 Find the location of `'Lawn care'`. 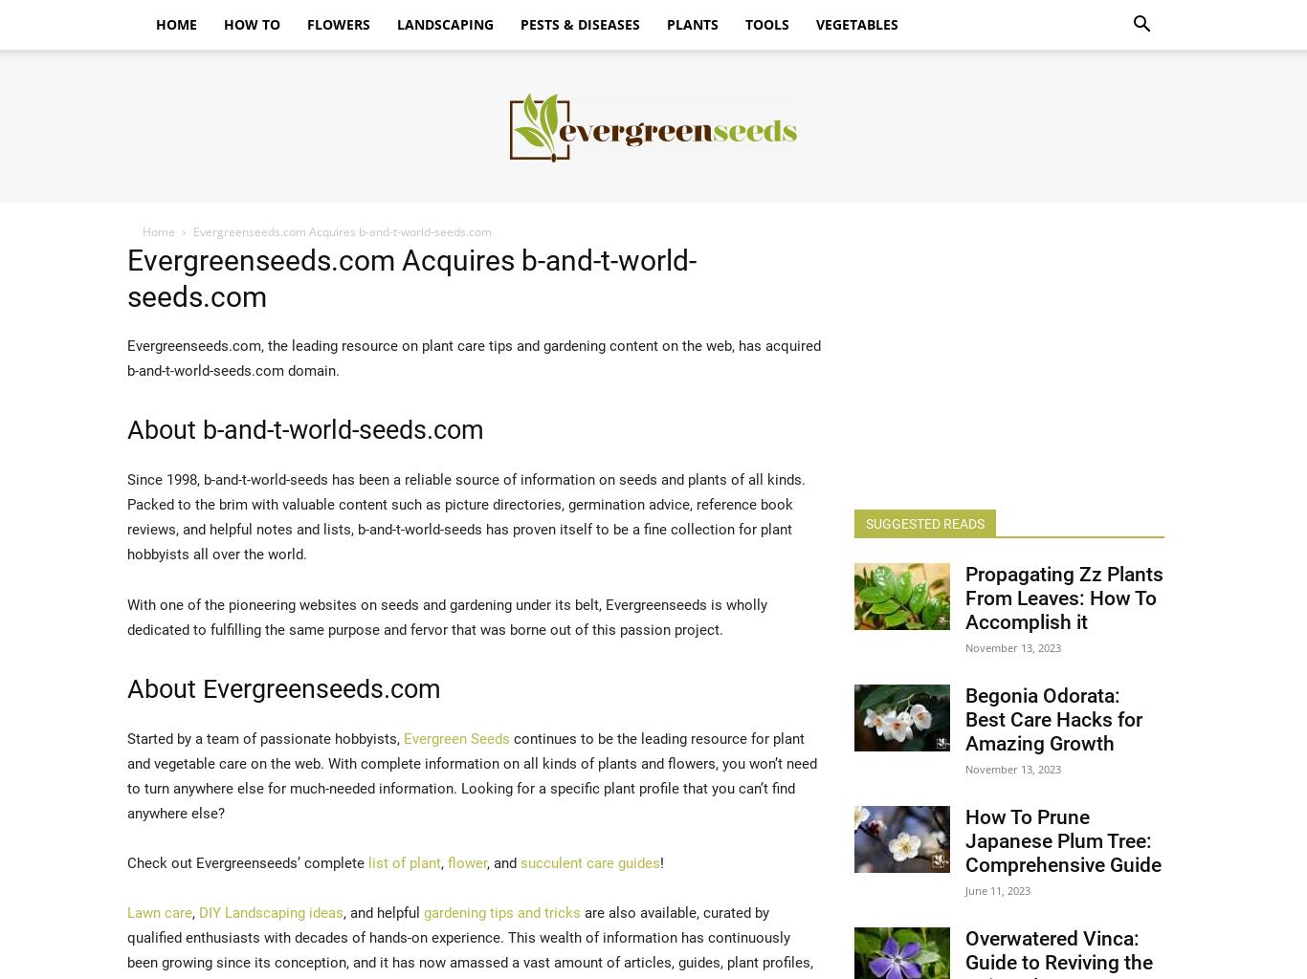

'Lawn care' is located at coordinates (159, 912).